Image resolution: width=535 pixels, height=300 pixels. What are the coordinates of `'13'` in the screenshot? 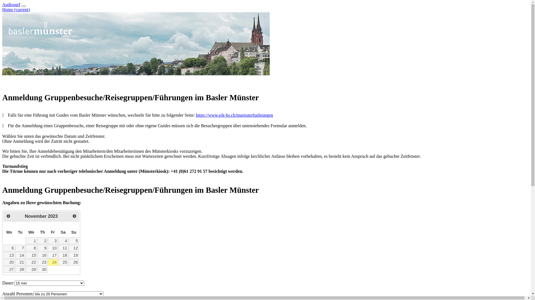 It's located at (9, 255).